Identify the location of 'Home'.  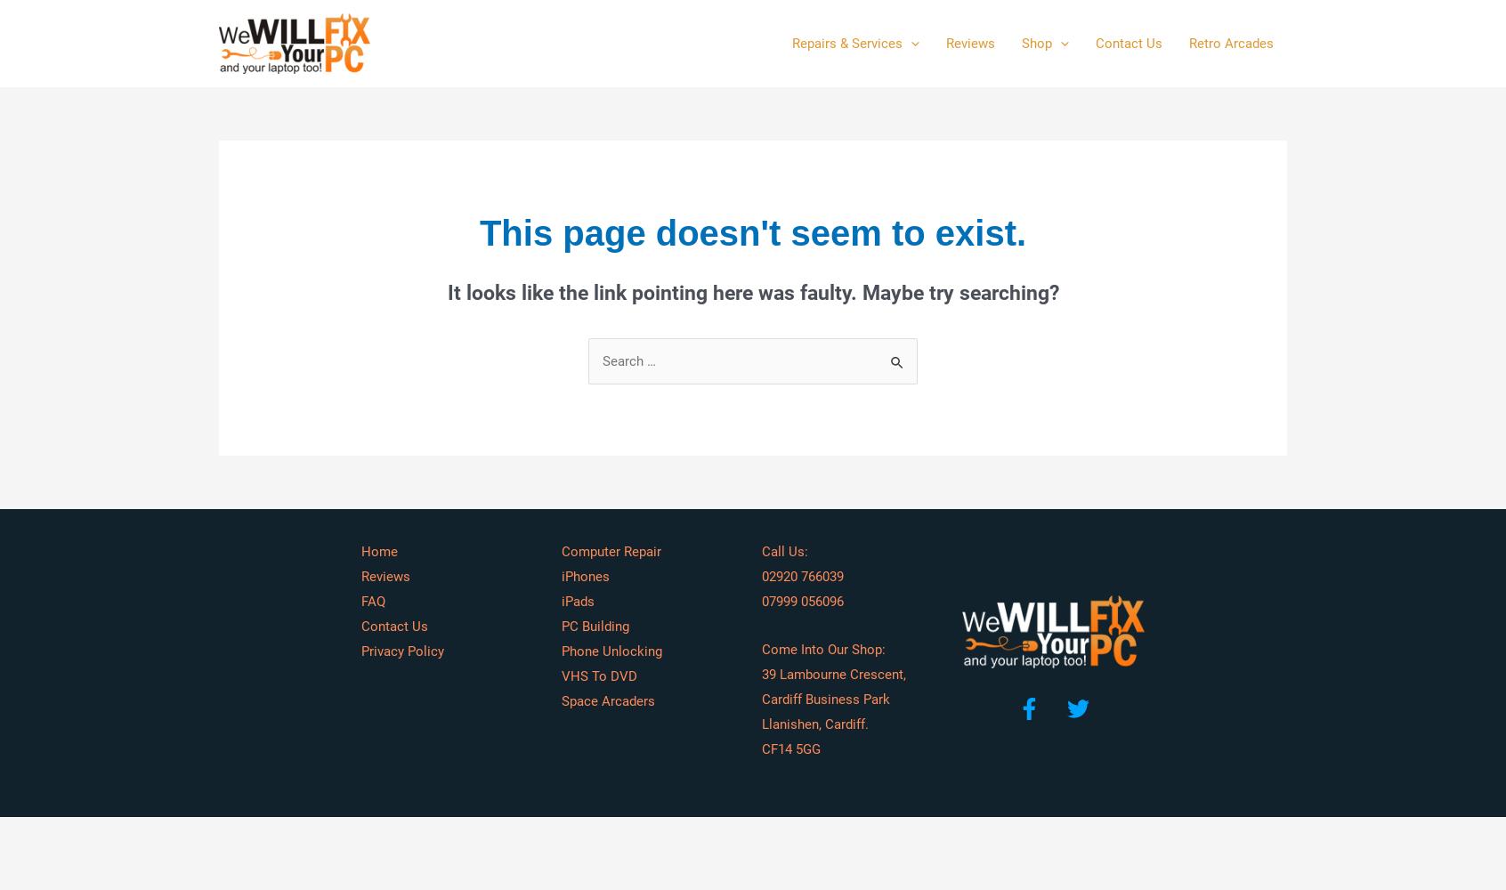
(378, 551).